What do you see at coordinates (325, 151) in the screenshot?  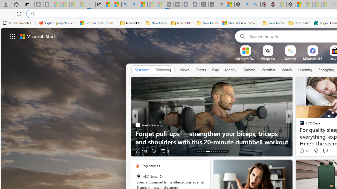 I see `'View comments 8 Comment'` at bounding box center [325, 151].